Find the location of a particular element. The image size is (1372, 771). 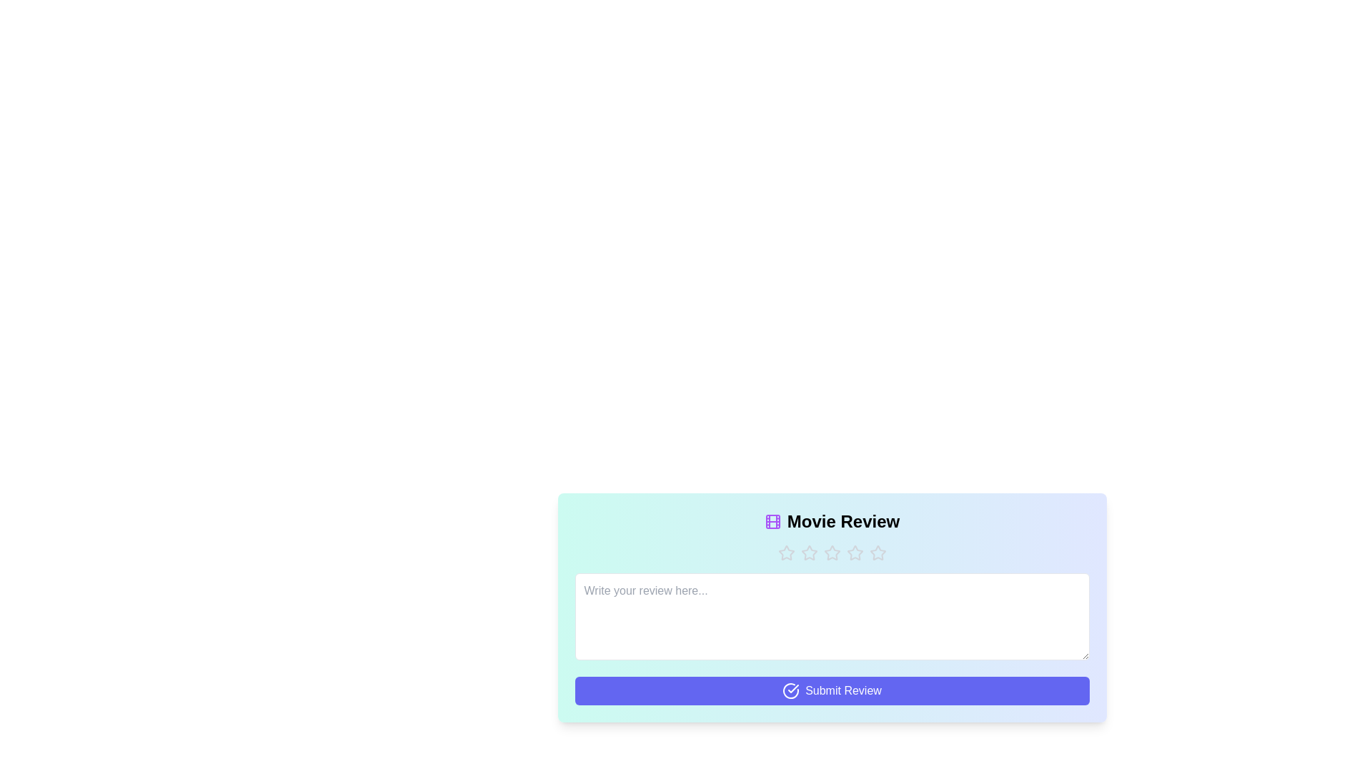

the button with text 'Submit Review' to observe its hover effect is located at coordinates (832, 690).